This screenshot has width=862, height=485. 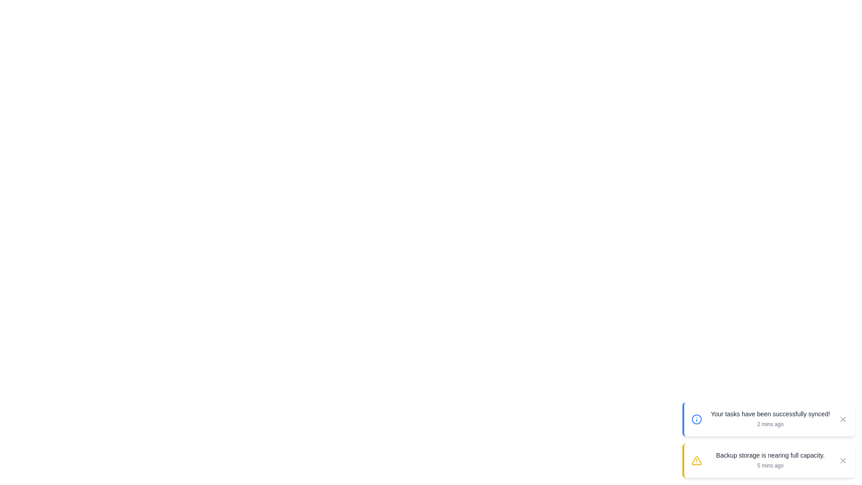 What do you see at coordinates (768, 419) in the screenshot?
I see `the snackbar to trigger the scaling effect` at bounding box center [768, 419].